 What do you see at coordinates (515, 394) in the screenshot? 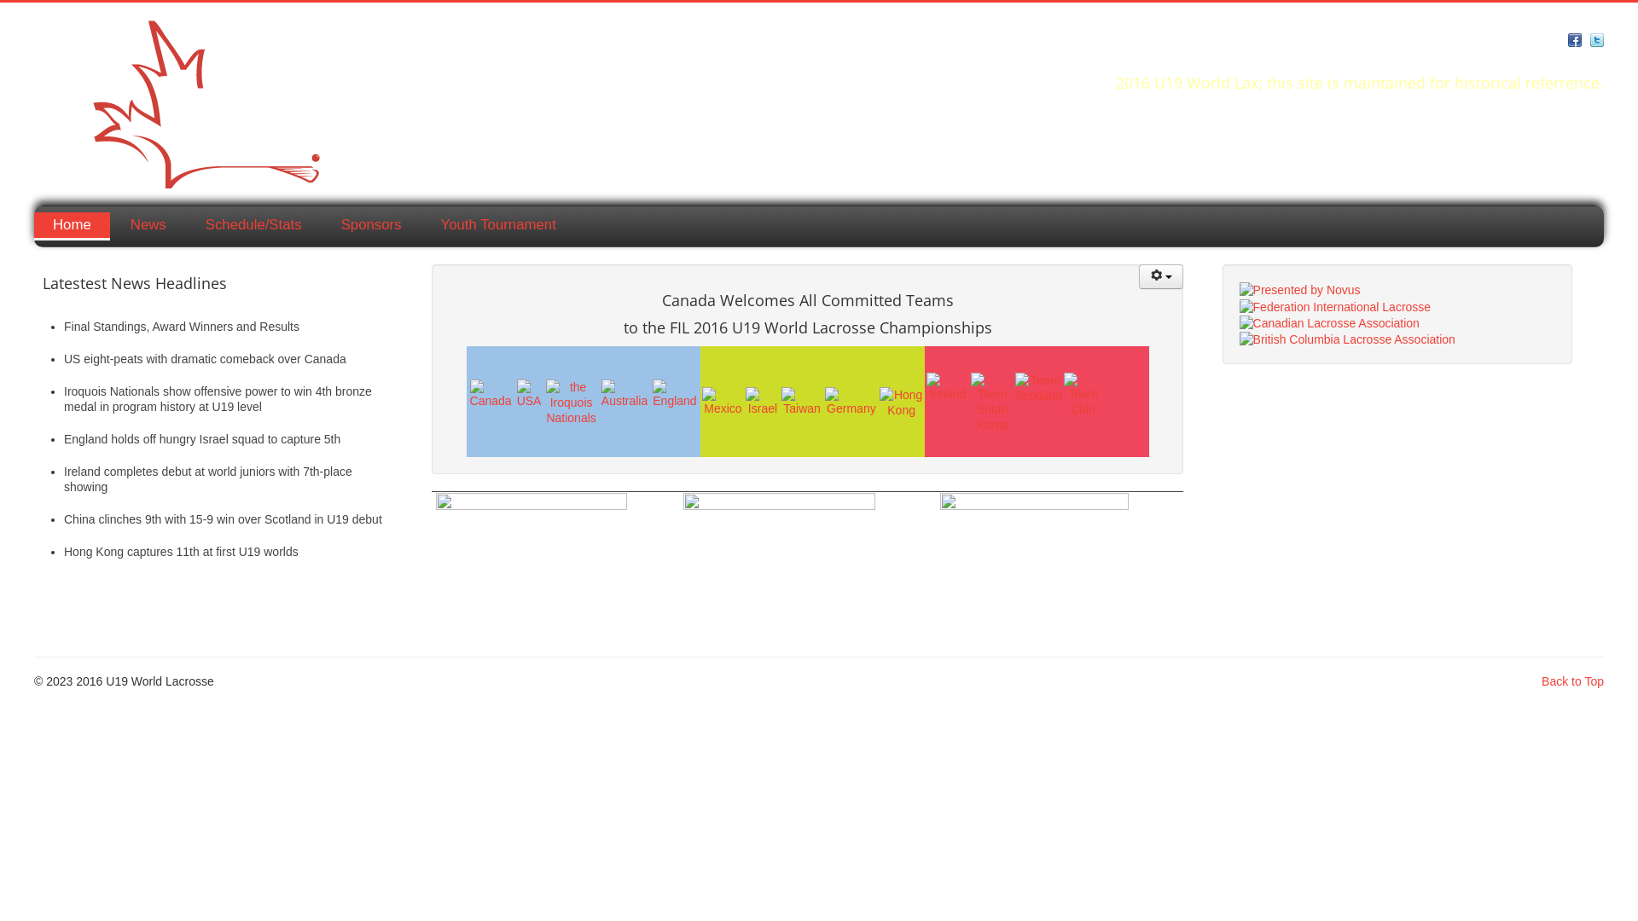
I see `'Team USA'` at bounding box center [515, 394].